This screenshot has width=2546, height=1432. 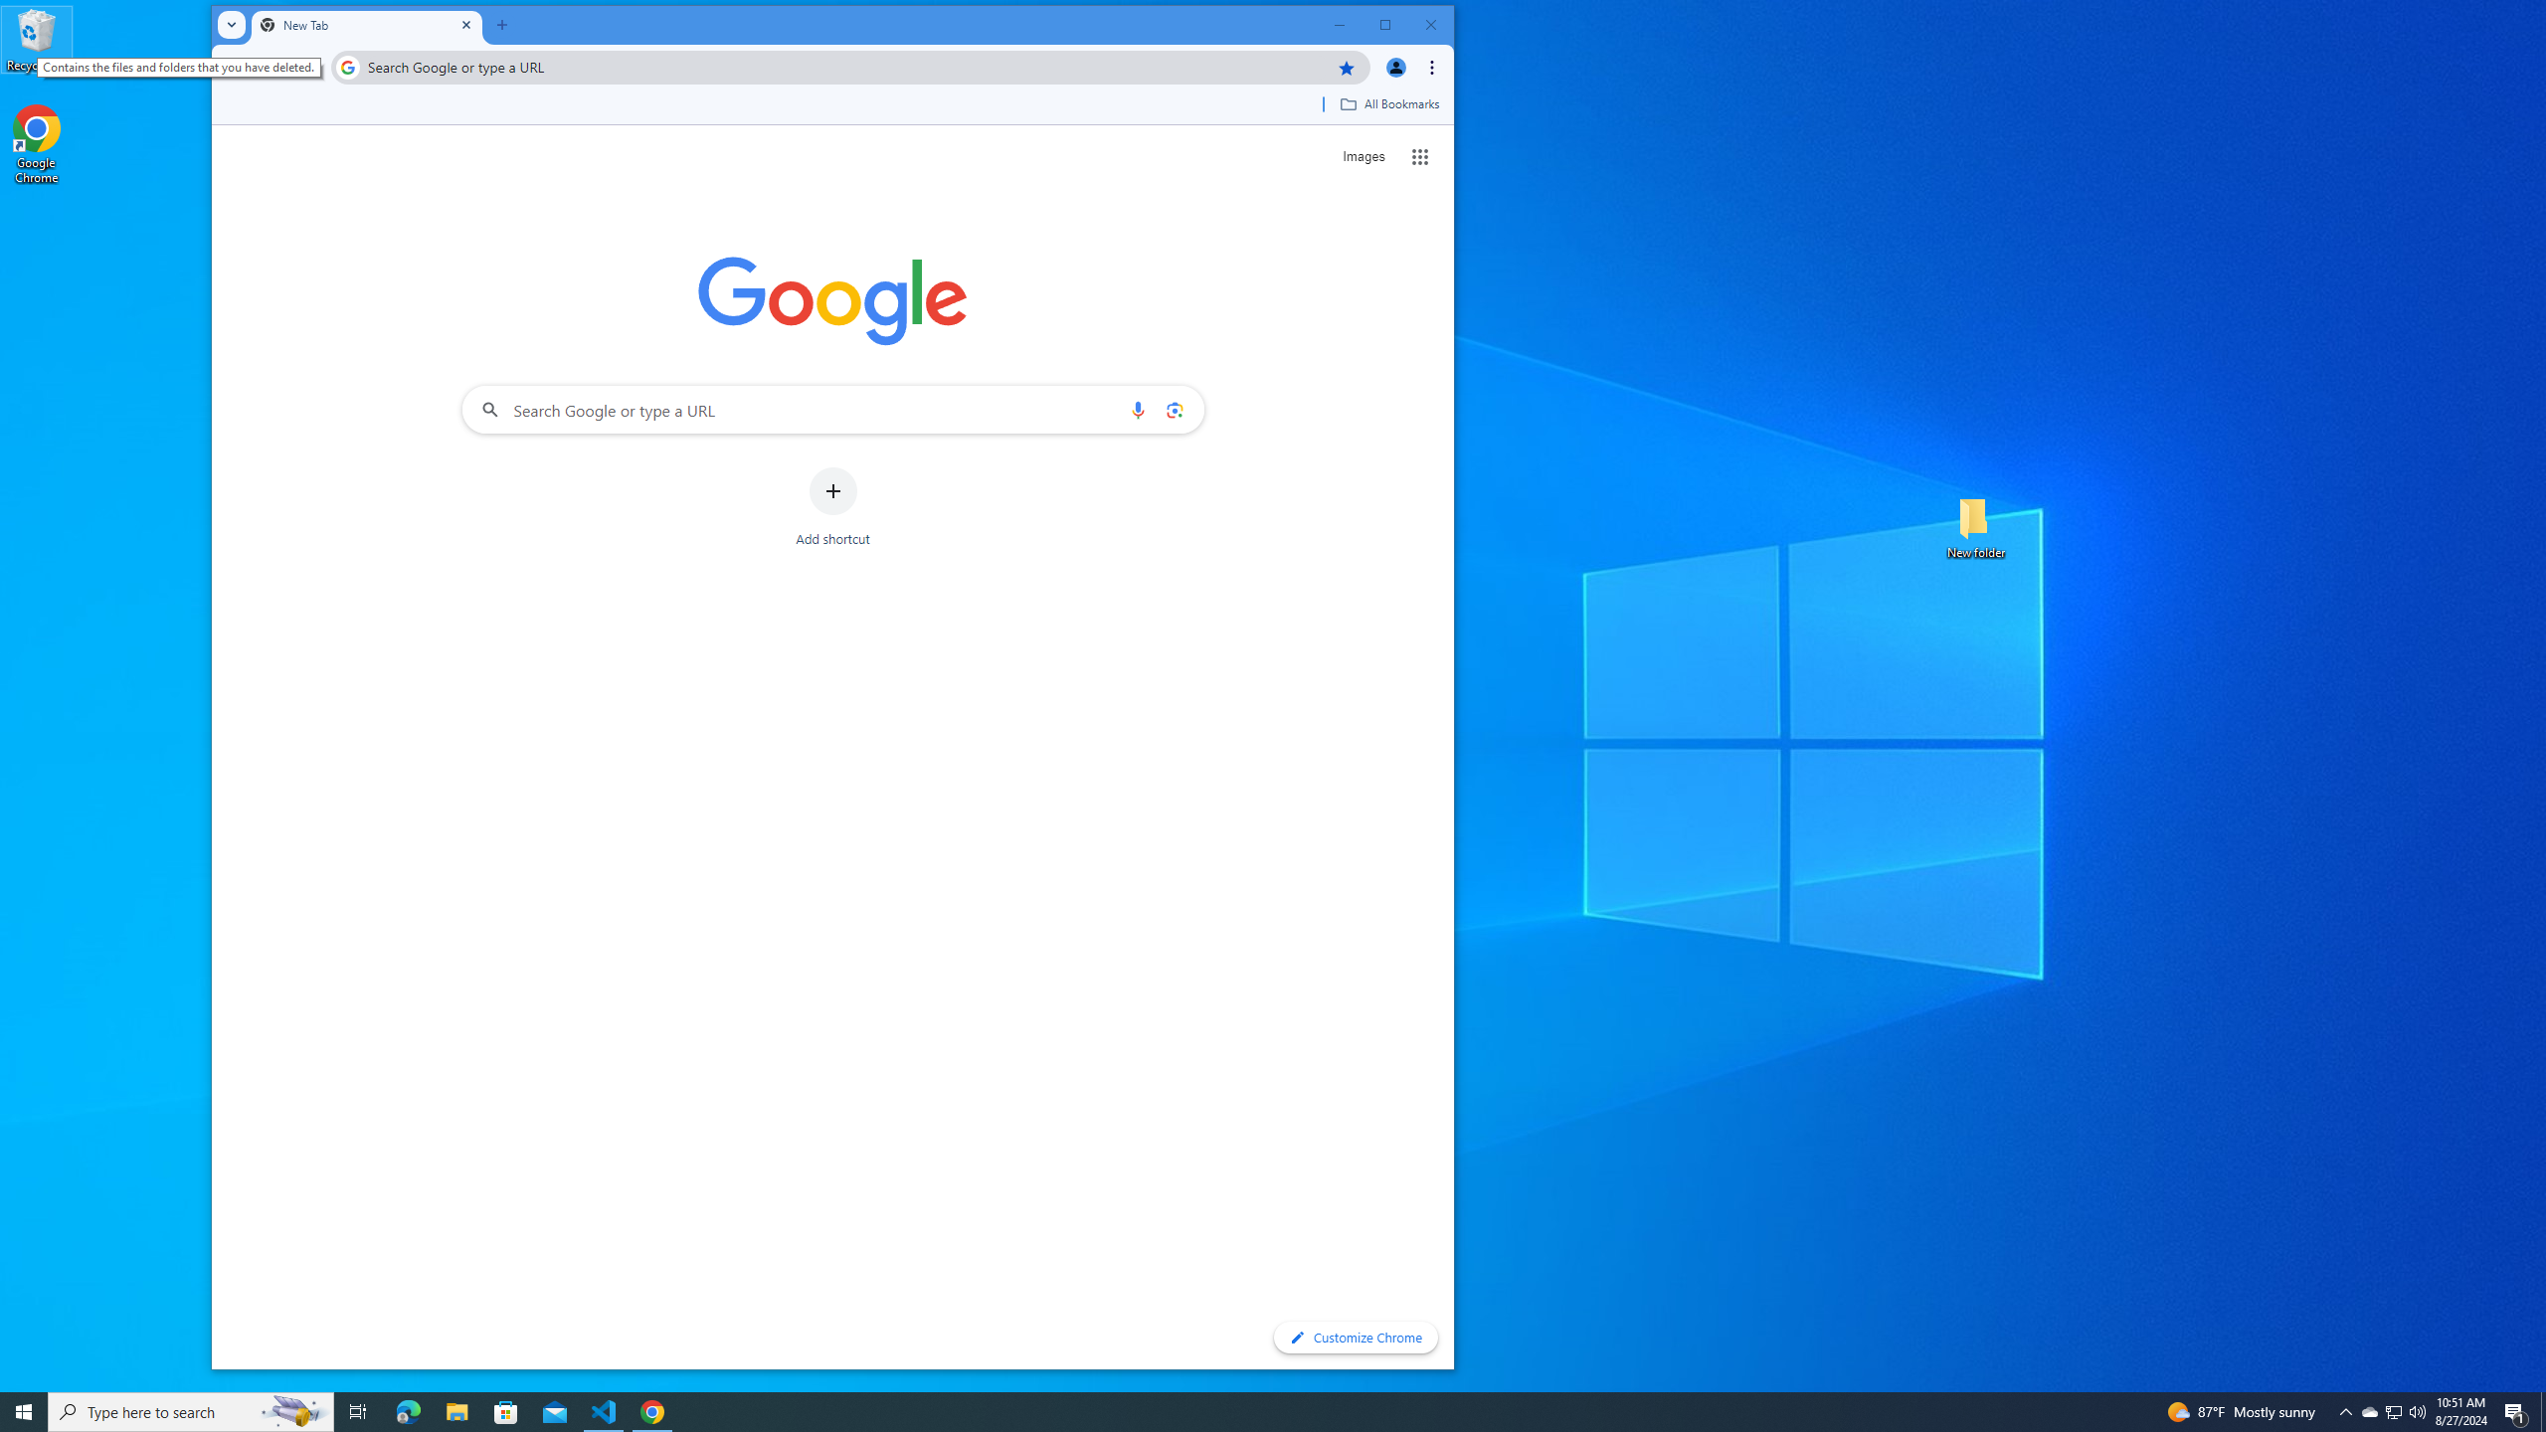 What do you see at coordinates (1975, 525) in the screenshot?
I see `'New folder'` at bounding box center [1975, 525].